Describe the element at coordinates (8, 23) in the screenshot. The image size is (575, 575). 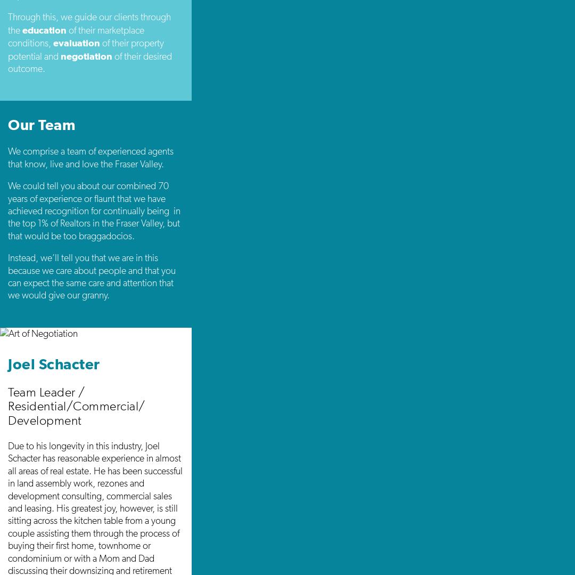
I see `'Through this, we guide our clients through the'` at that location.